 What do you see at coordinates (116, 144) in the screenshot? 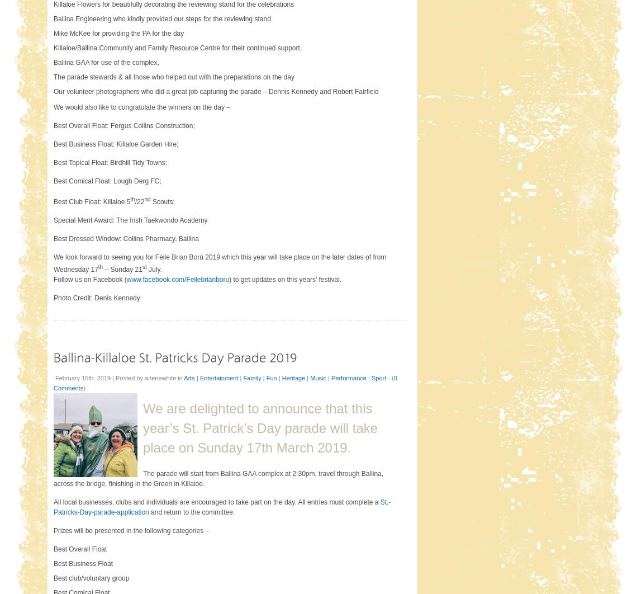
I see `'Best Business Float: Killaloe Garden Hire;'` at bounding box center [116, 144].